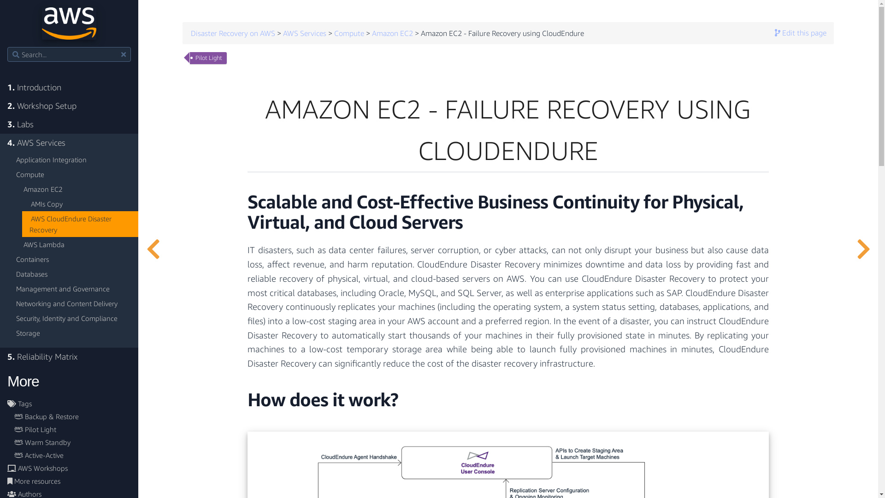 The width and height of the screenshot is (885, 498). What do you see at coordinates (68, 106) in the screenshot?
I see `'2. Workshop Setup'` at bounding box center [68, 106].